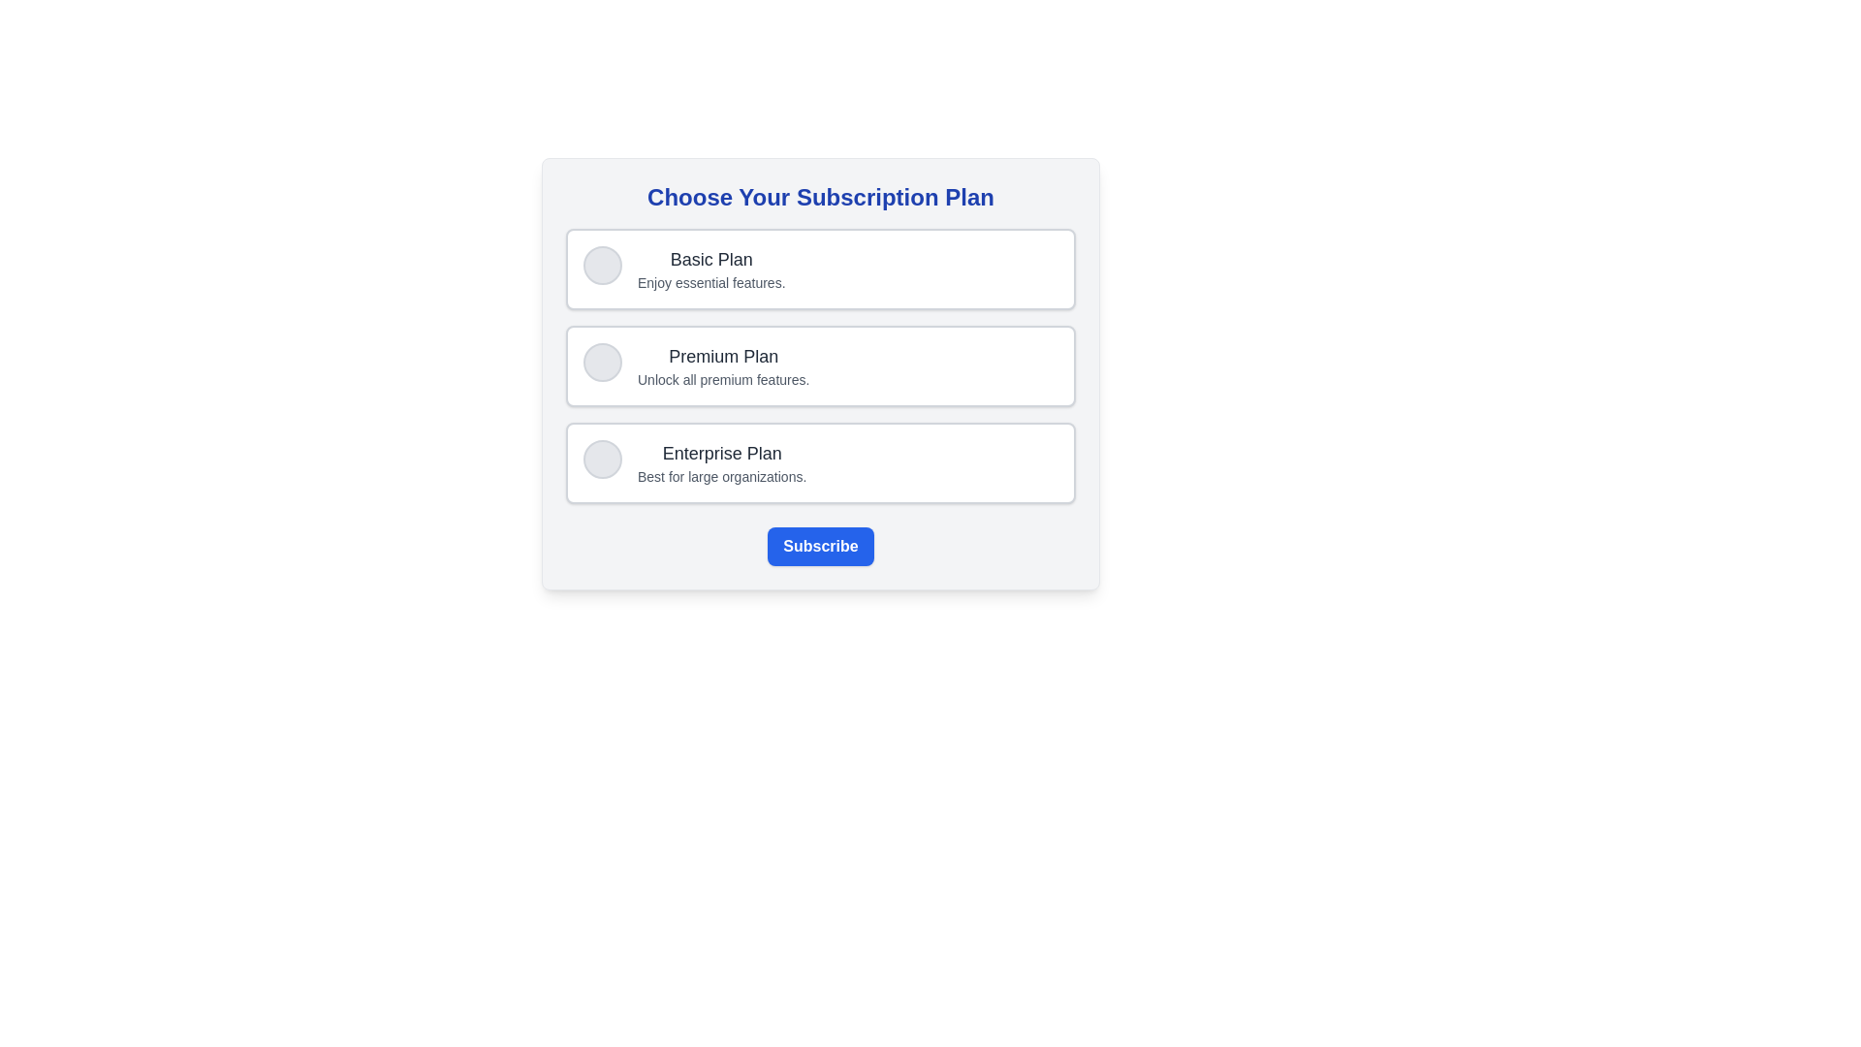 The height and width of the screenshot is (1047, 1861). What do you see at coordinates (820, 463) in the screenshot?
I see `the 'Enterprise Plan' clickable card, which is the third card in the vertical stack of plan options` at bounding box center [820, 463].